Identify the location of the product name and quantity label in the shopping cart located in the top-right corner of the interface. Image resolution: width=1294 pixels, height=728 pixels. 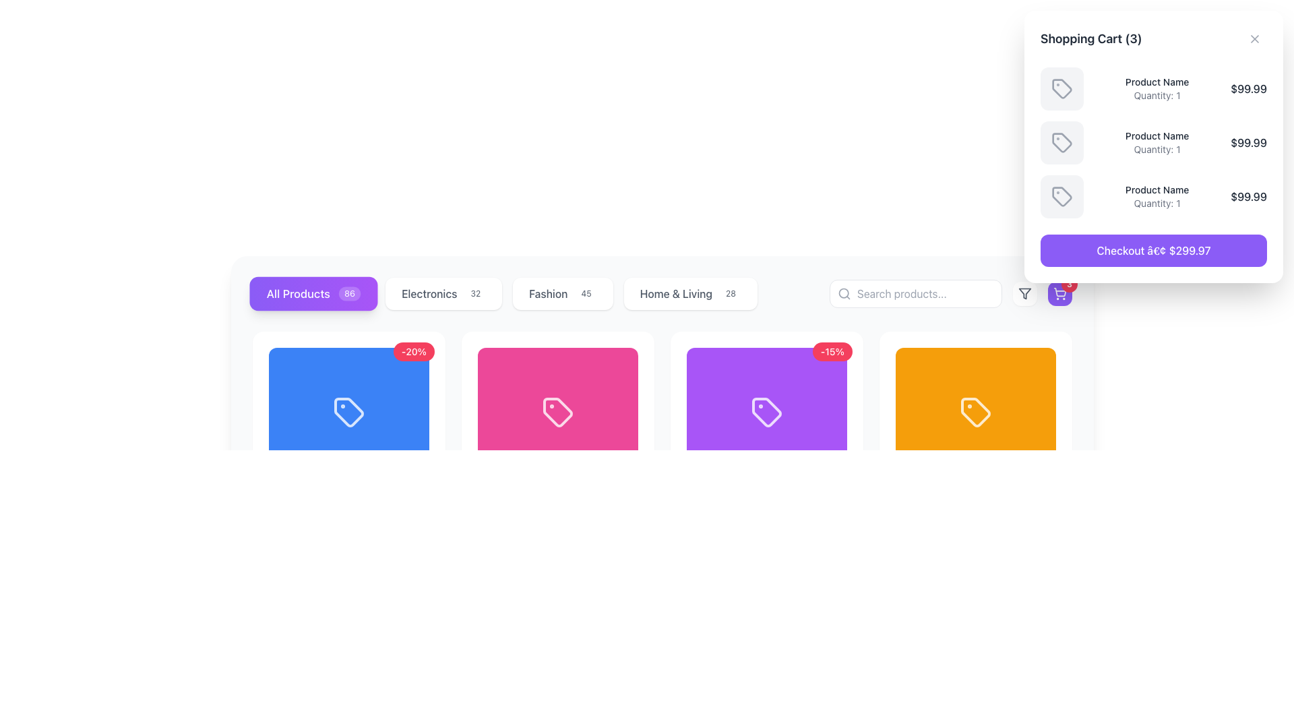
(1157, 88).